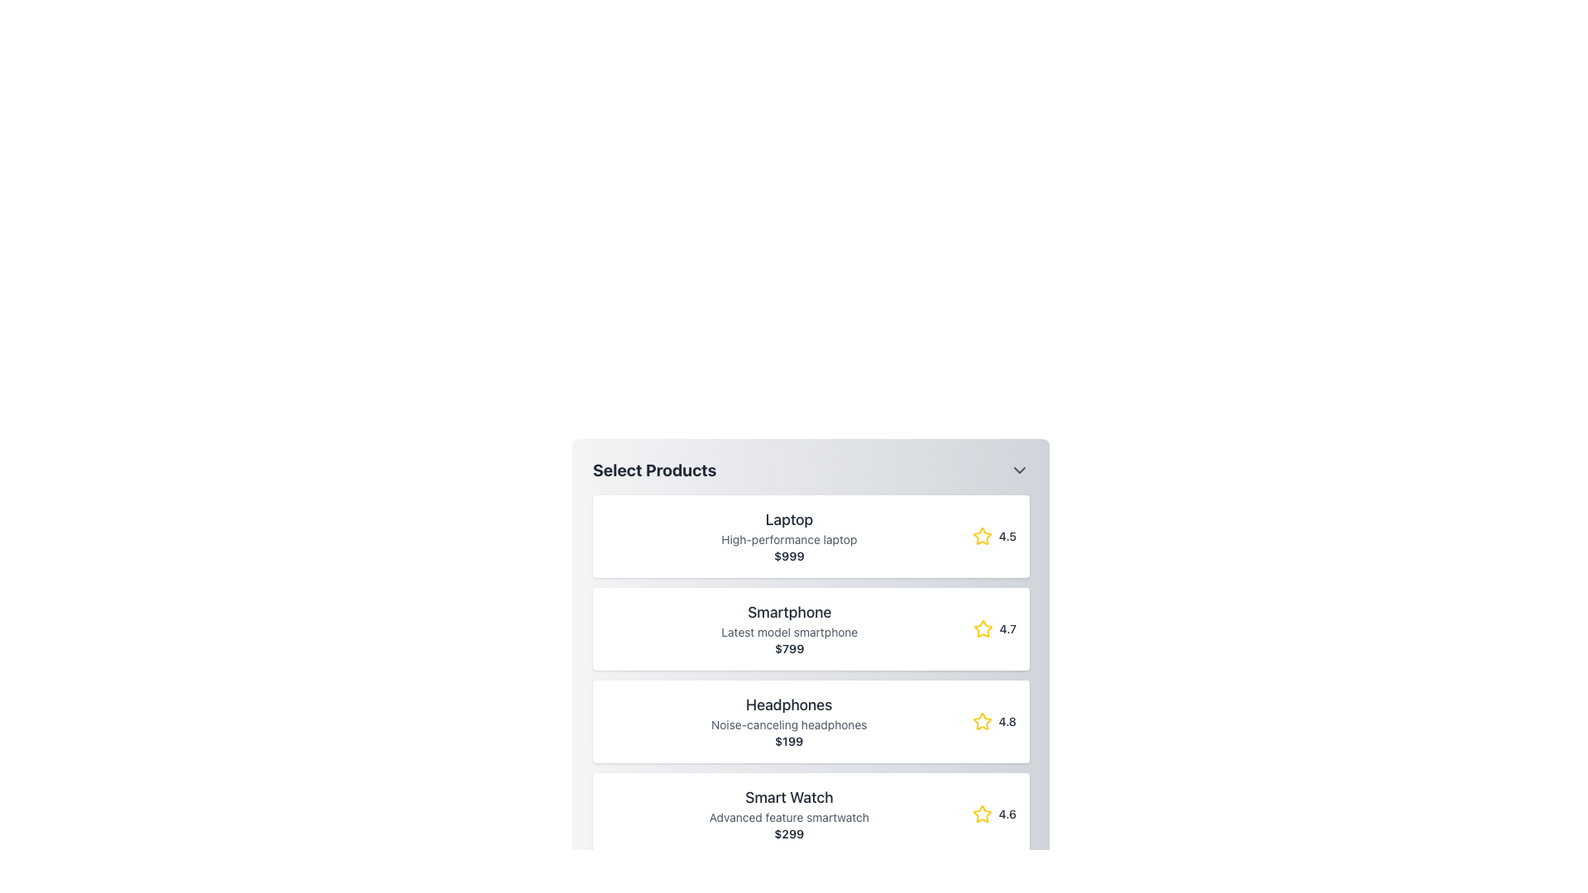 The width and height of the screenshot is (1588, 893). What do you see at coordinates (1007, 536) in the screenshot?
I see `the text label displaying '4.5', which is located to the right of a yellow star icon in the topmost entry of the product list` at bounding box center [1007, 536].